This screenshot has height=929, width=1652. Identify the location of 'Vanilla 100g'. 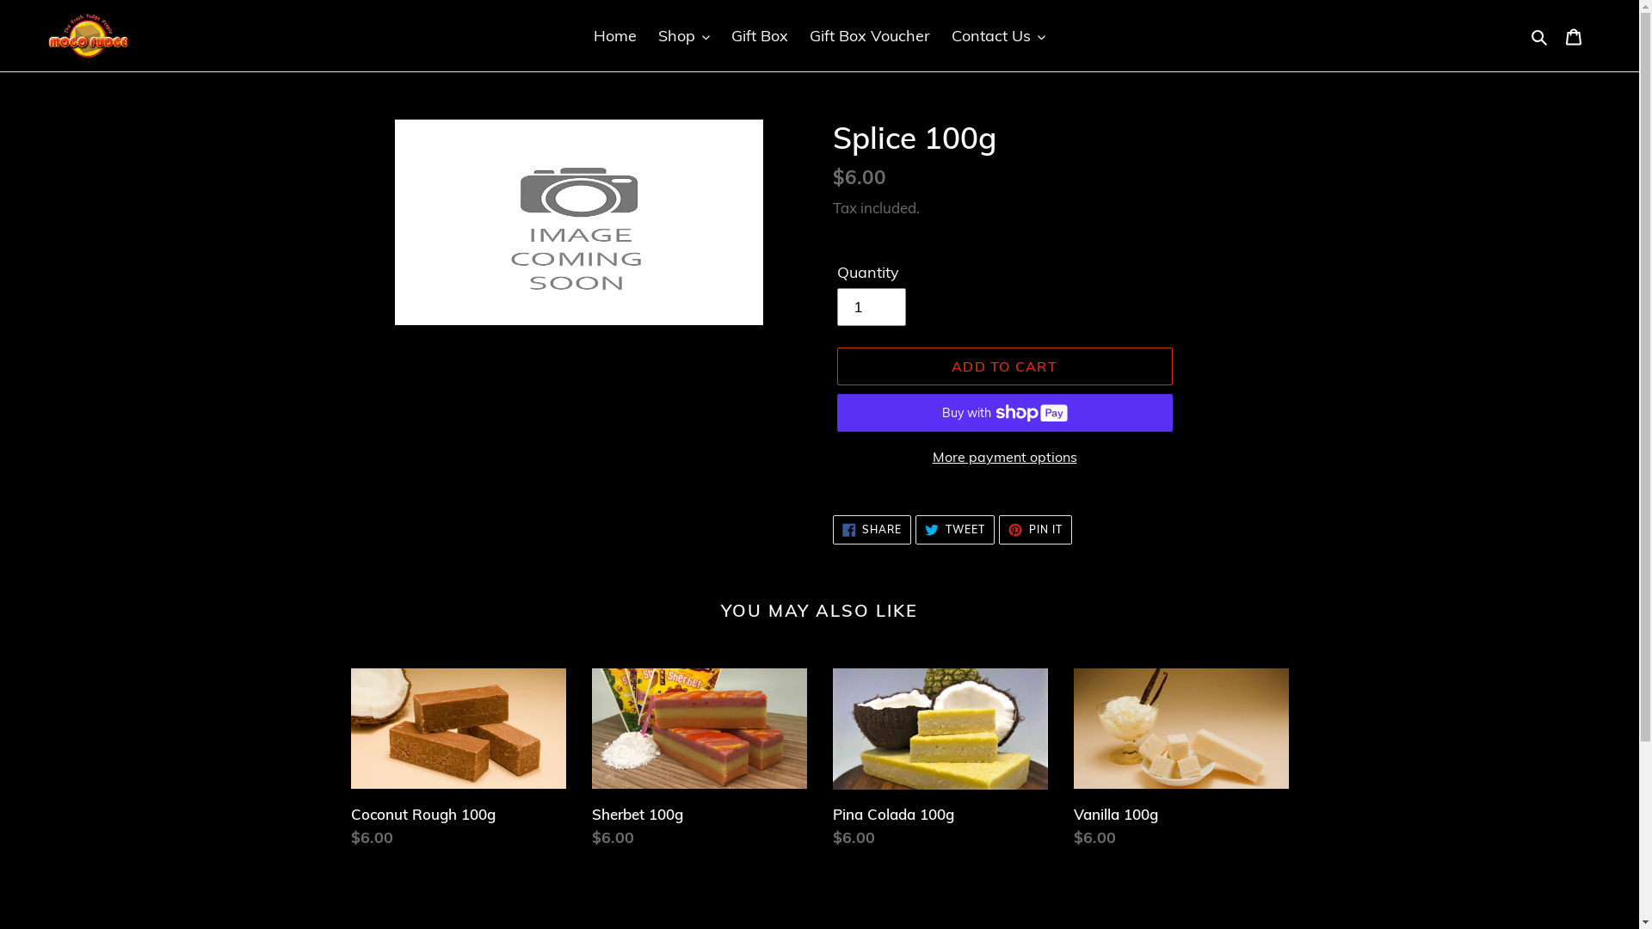
(1180, 761).